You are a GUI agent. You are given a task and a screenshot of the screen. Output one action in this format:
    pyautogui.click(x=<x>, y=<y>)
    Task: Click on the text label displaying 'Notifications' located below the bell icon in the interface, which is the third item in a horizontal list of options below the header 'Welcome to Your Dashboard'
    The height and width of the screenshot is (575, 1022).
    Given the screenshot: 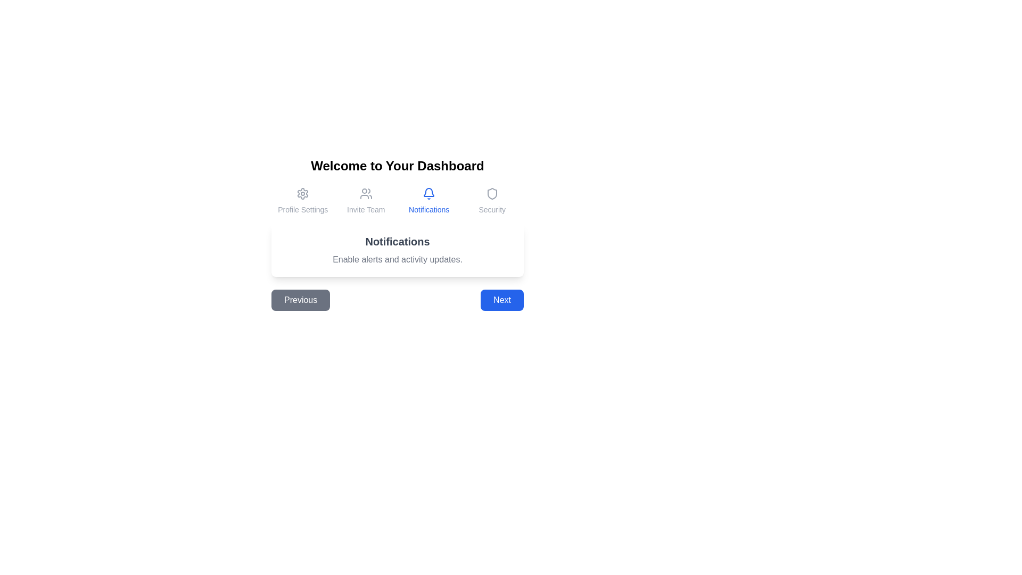 What is the action you would take?
    pyautogui.click(x=429, y=209)
    